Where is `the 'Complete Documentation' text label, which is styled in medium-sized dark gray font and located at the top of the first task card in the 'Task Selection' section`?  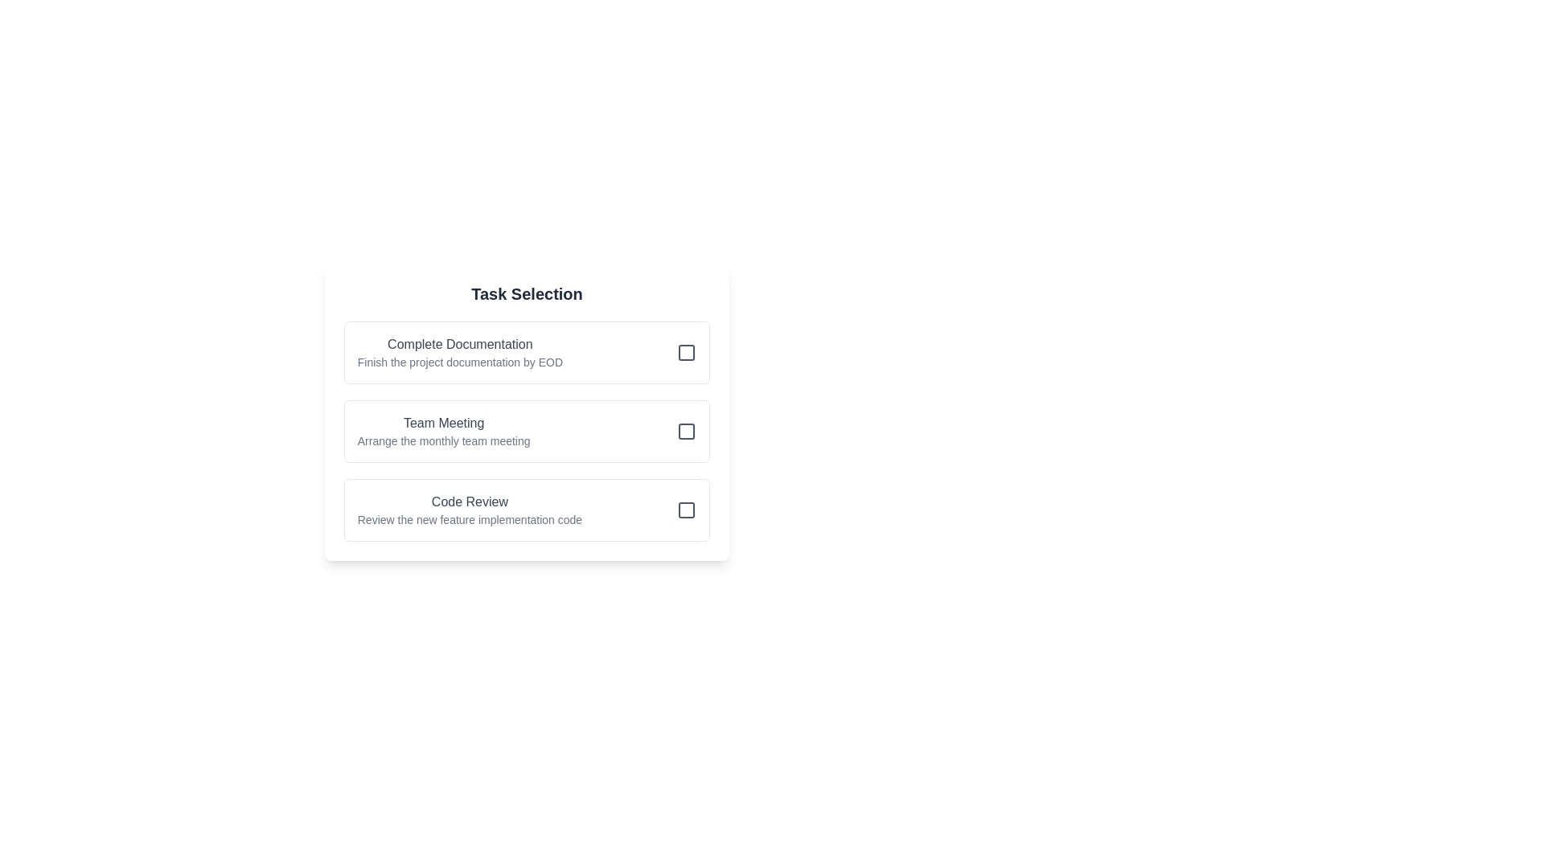
the 'Complete Documentation' text label, which is styled in medium-sized dark gray font and located at the top of the first task card in the 'Task Selection' section is located at coordinates (459, 343).